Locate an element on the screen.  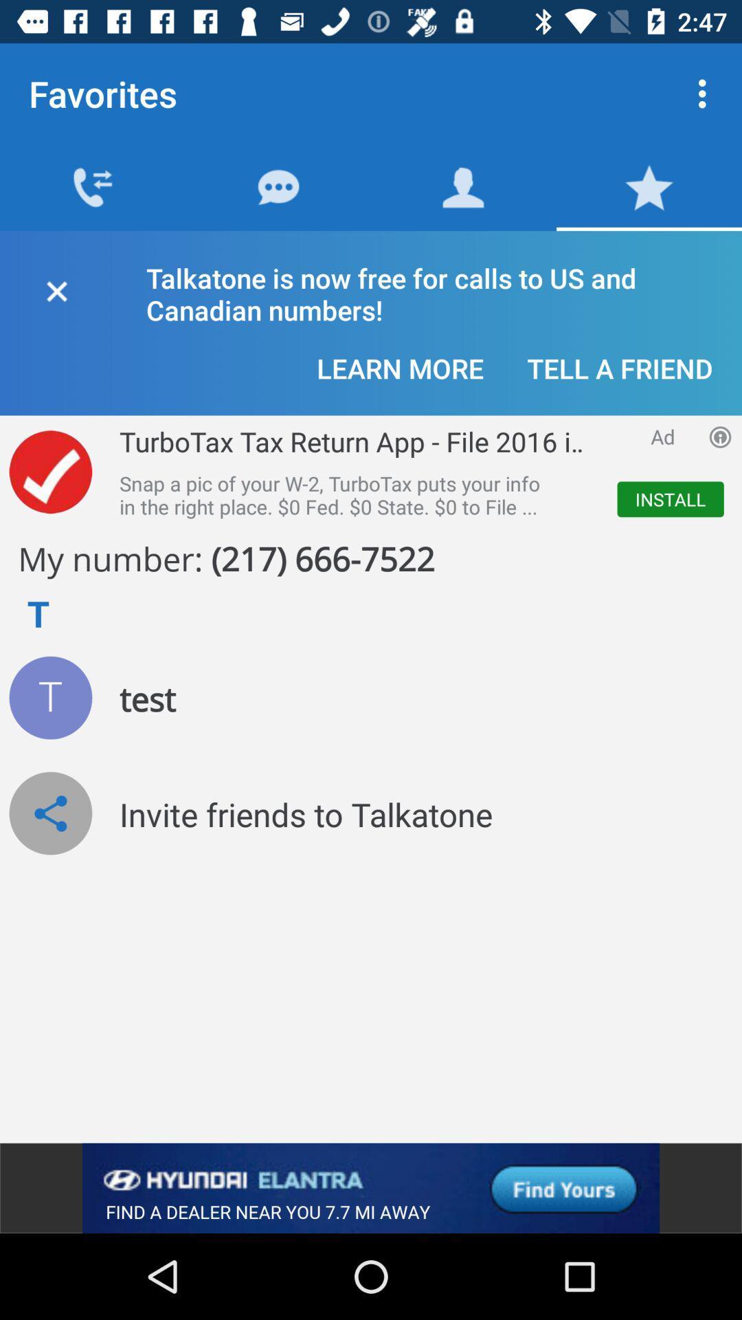
done option is located at coordinates (49, 472).